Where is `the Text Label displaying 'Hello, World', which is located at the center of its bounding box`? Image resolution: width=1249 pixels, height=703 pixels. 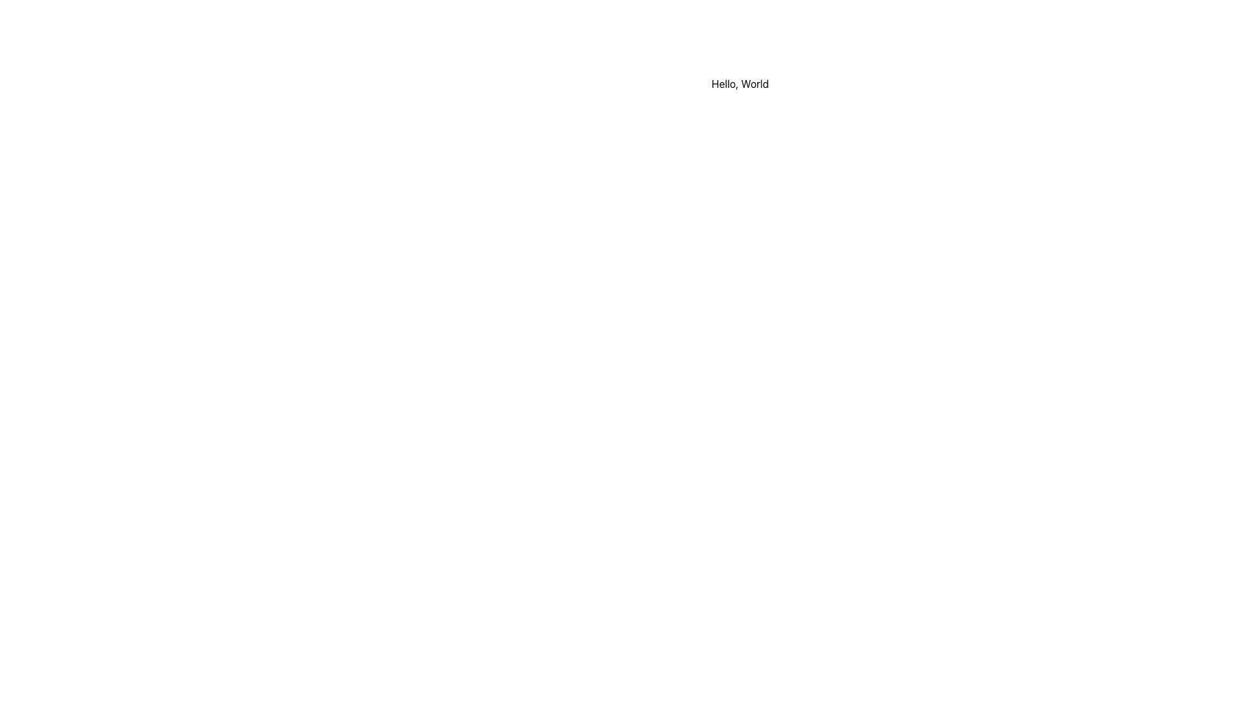 the Text Label displaying 'Hello, World', which is located at the center of its bounding box is located at coordinates (740, 83).